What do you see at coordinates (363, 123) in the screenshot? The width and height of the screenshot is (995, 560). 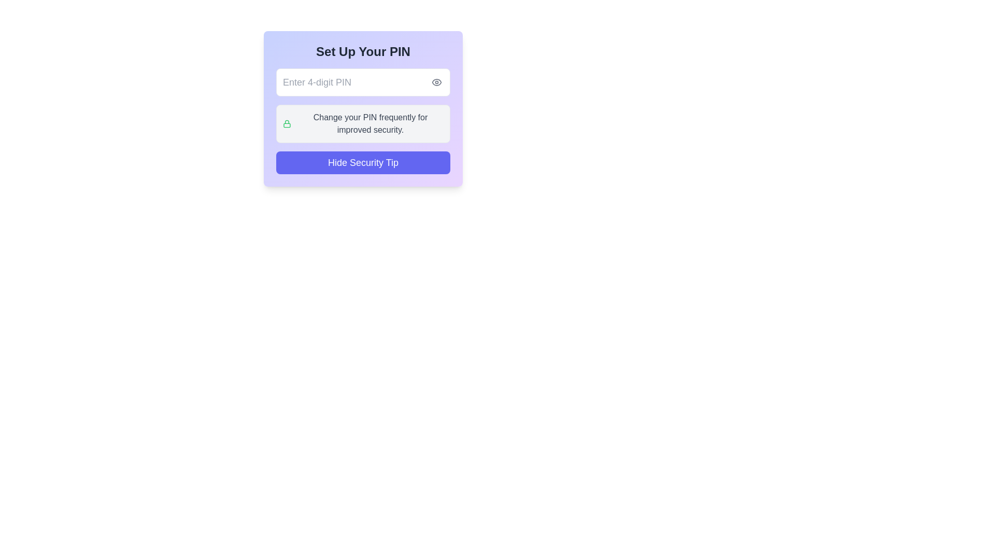 I see `the informative message box that contains the text 'Change your PIN frequently for improved security.' and a green lock icon, located below the 'Enter 4-digit PIN' input field and above the 'Hide Security Tip' button` at bounding box center [363, 123].